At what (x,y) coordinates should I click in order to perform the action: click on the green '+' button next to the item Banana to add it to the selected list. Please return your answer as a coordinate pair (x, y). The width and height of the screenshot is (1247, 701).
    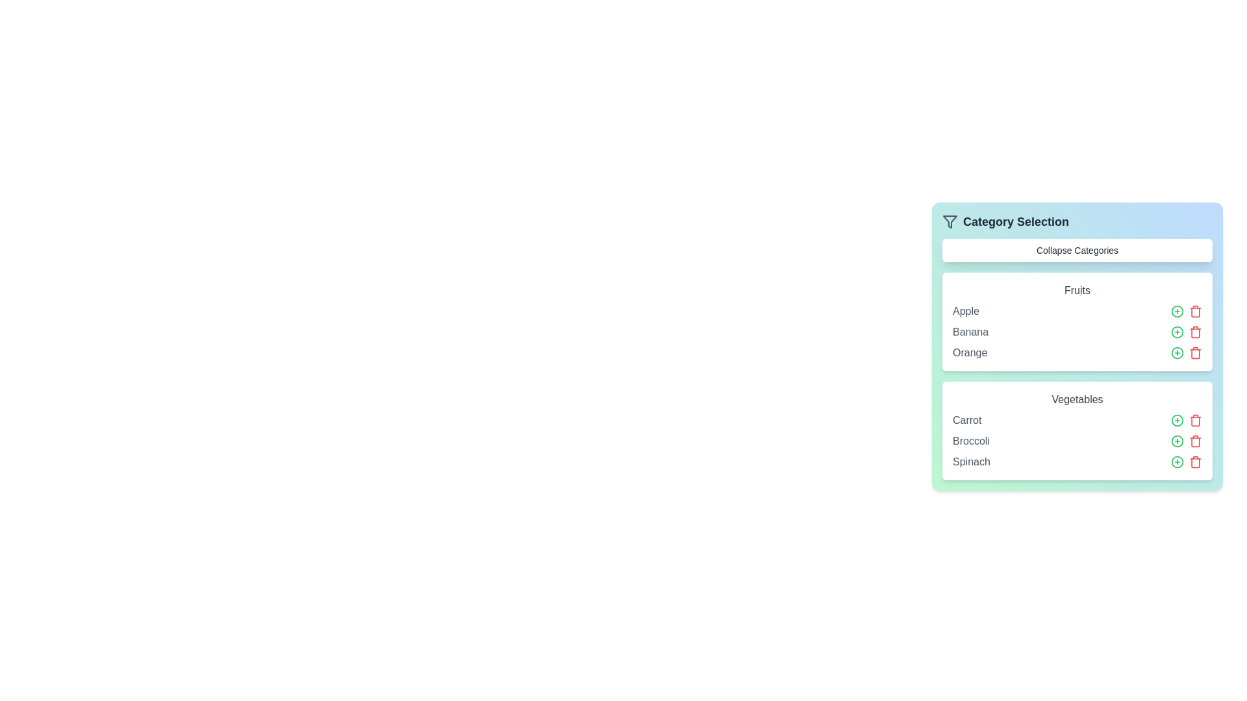
    Looking at the image, I should click on (1178, 332).